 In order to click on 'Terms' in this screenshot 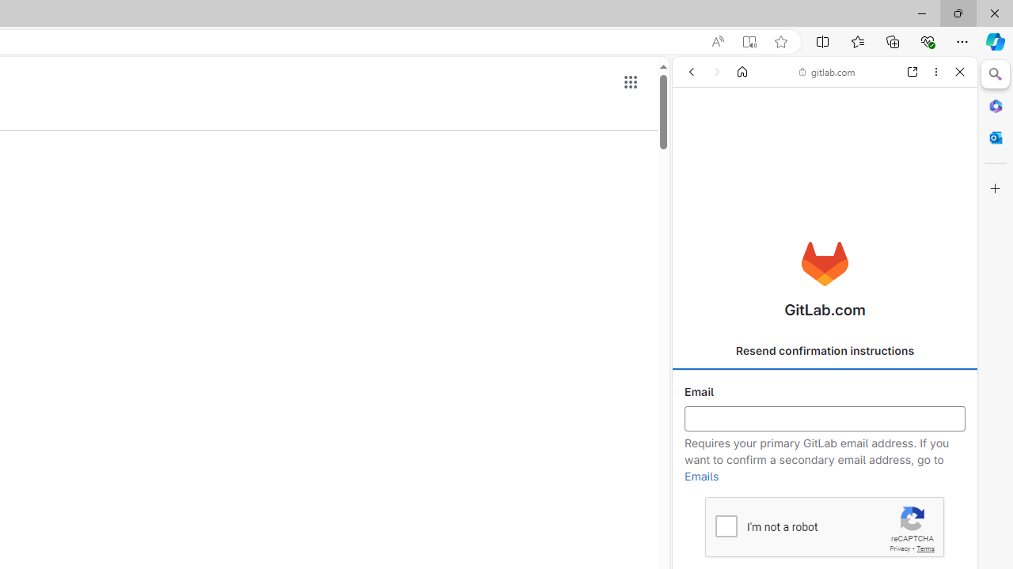, I will do `click(925, 548)`.